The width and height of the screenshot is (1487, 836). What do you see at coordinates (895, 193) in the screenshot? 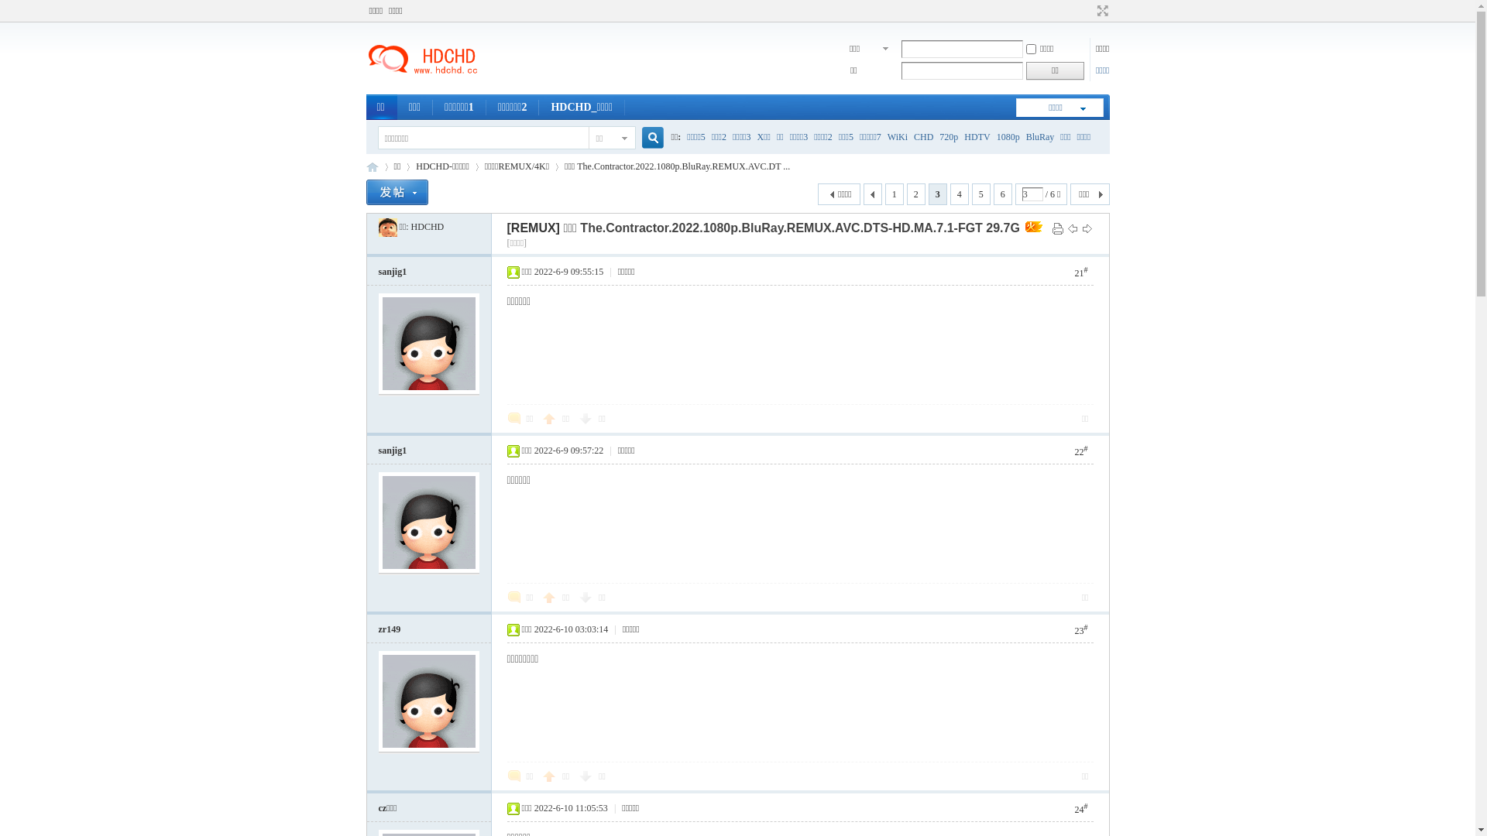
I see `'1'` at bounding box center [895, 193].